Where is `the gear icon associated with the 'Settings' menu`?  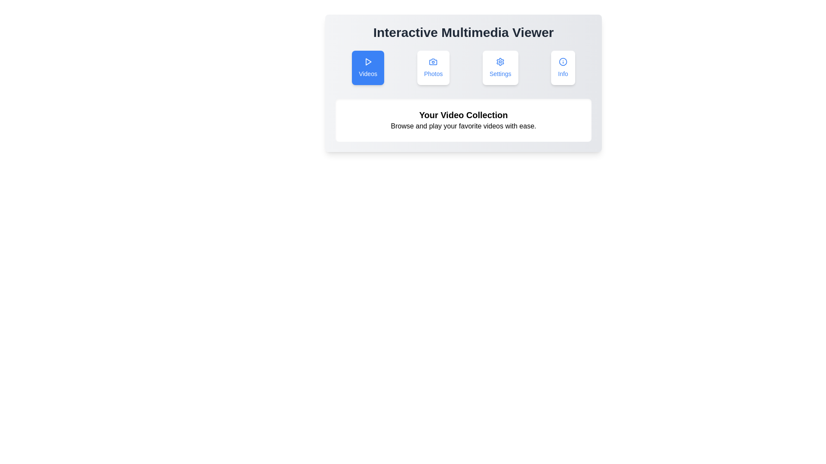 the gear icon associated with the 'Settings' menu is located at coordinates (500, 61).